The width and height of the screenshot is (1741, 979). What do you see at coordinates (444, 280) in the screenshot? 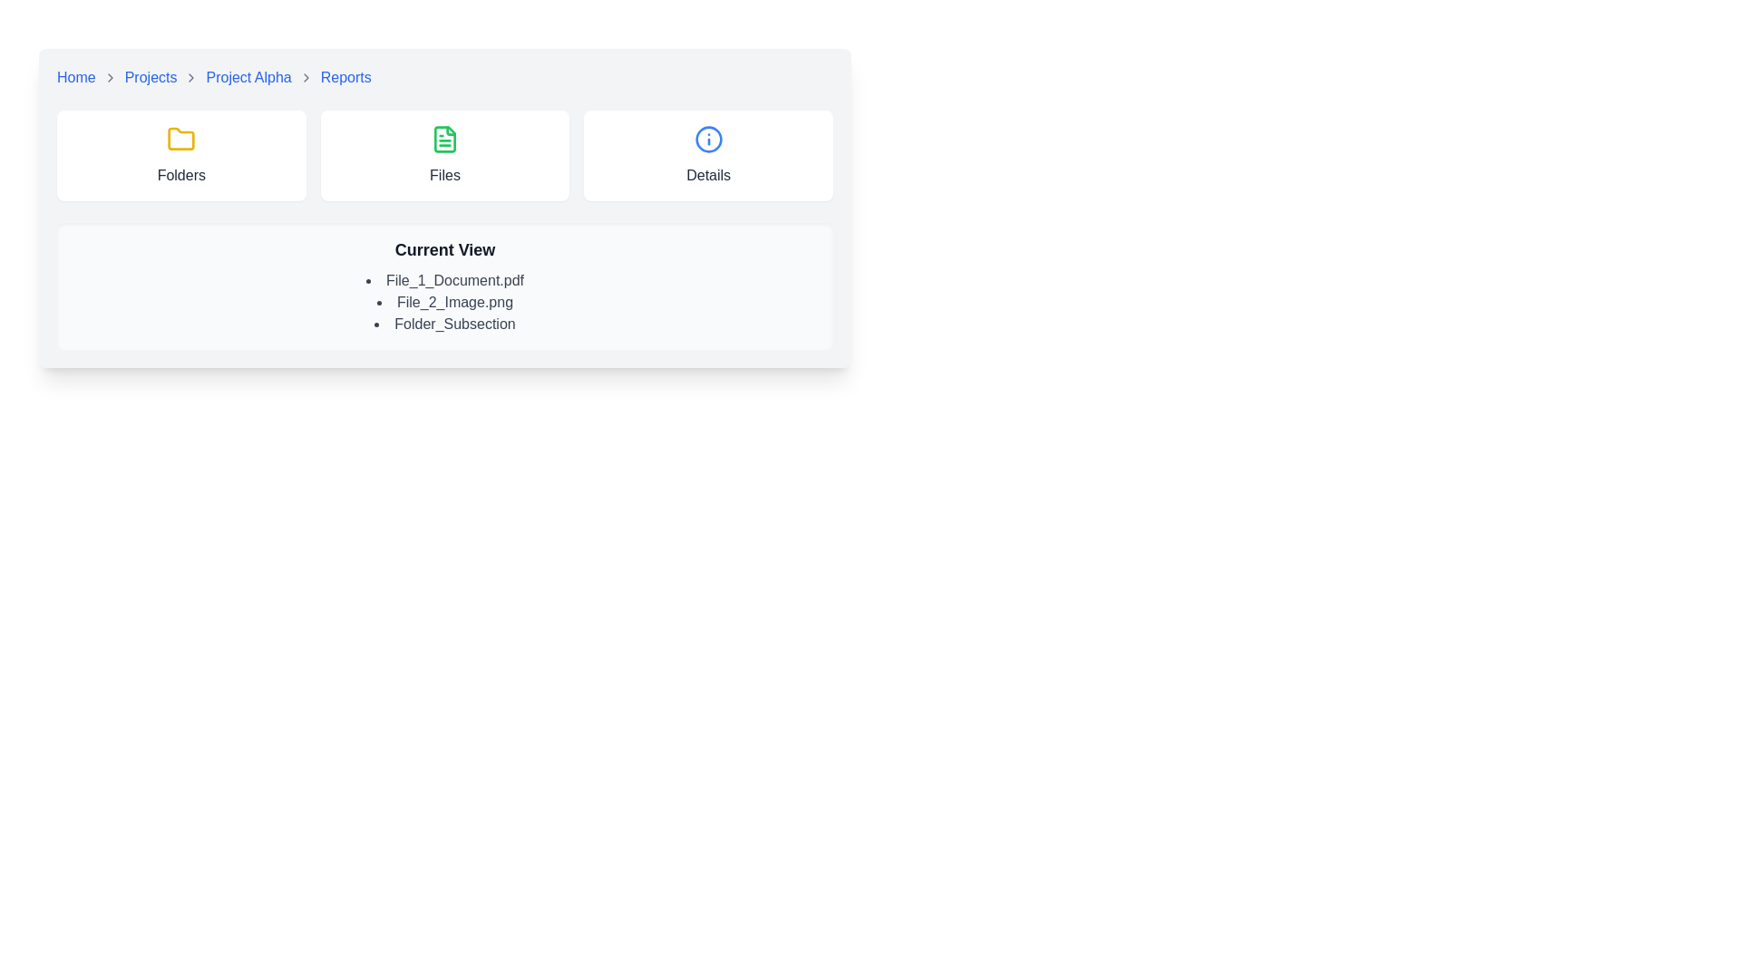
I see `the text label displaying the file name in the 'Current View' list` at bounding box center [444, 280].